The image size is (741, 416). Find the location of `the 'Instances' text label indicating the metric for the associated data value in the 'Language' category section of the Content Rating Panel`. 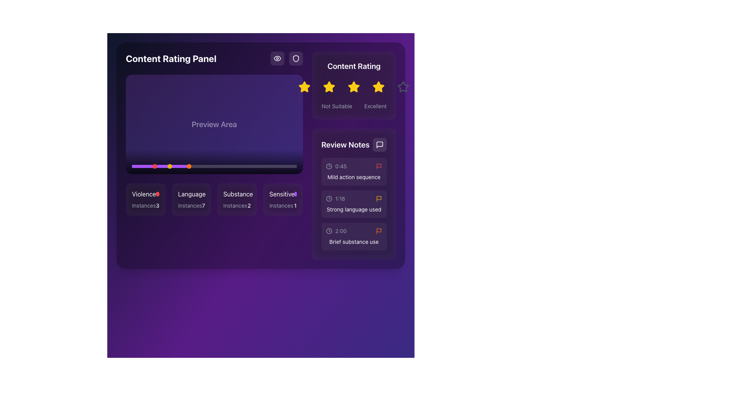

the 'Instances' text label indicating the metric for the associated data value in the 'Language' category section of the Content Rating Panel is located at coordinates (189, 205).